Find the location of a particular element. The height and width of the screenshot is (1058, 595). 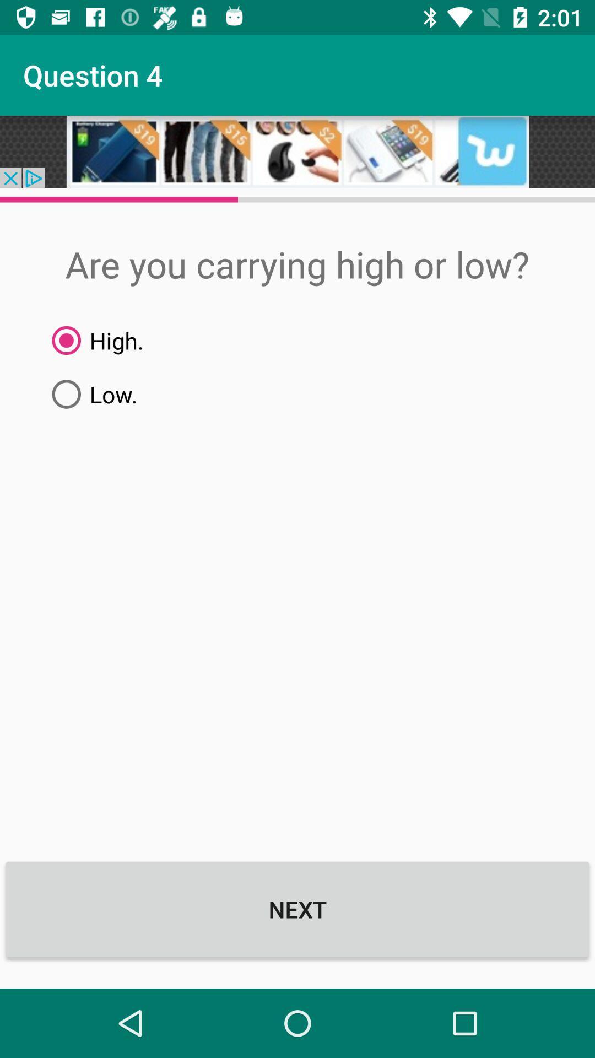

visit advertisement is located at coordinates (297, 151).